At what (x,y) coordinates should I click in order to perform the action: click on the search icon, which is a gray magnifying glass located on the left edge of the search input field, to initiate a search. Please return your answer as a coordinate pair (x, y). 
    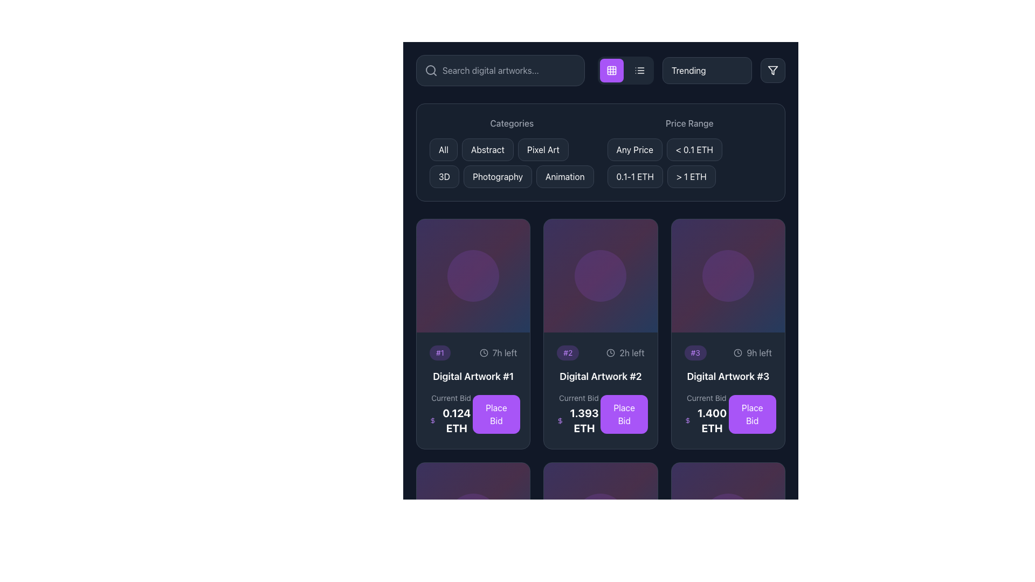
    Looking at the image, I should click on (431, 71).